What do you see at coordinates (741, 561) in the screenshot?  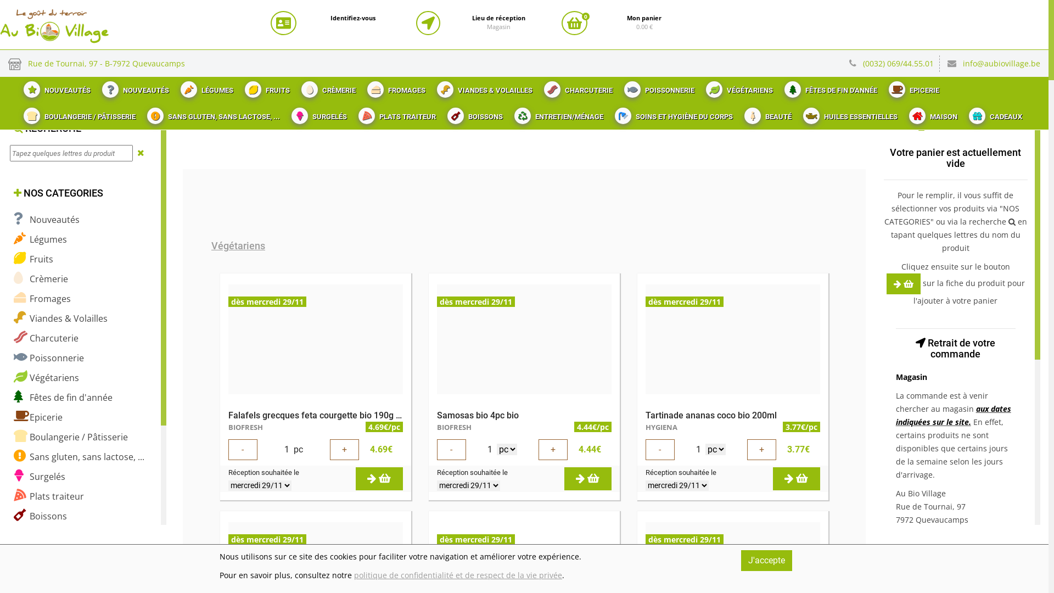 I see `'J'accepte'` at bounding box center [741, 561].